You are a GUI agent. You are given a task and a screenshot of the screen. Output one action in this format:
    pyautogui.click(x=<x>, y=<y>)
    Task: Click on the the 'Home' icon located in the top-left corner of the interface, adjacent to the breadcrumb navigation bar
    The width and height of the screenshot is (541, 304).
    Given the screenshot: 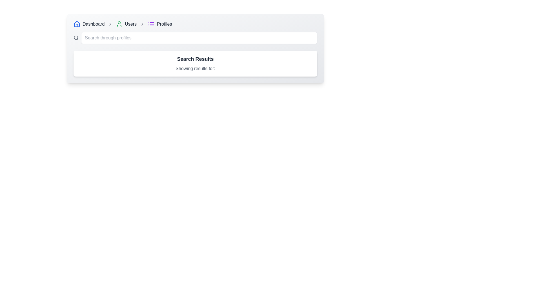 What is the action you would take?
    pyautogui.click(x=77, y=23)
    